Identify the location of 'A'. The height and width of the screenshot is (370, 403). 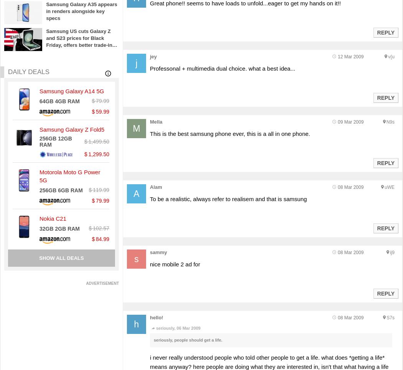
(136, 193).